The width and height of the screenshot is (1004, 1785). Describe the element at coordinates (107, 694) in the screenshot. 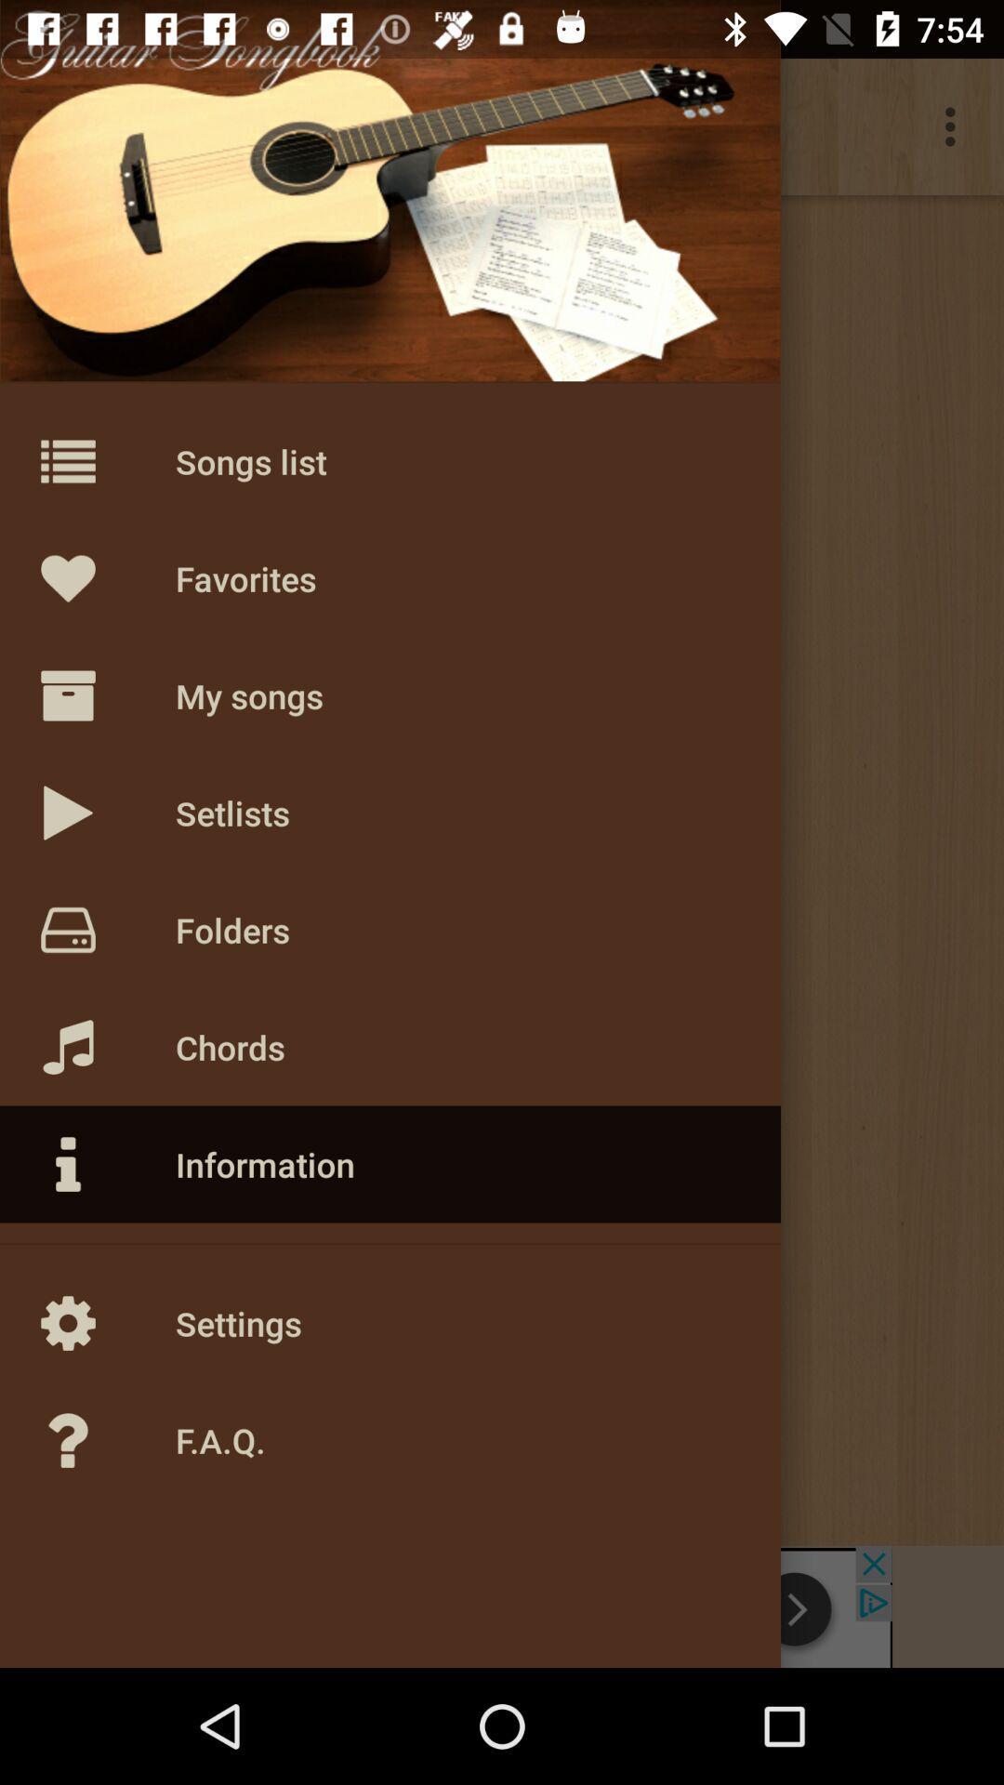

I see `the icon beside the text my songs` at that location.